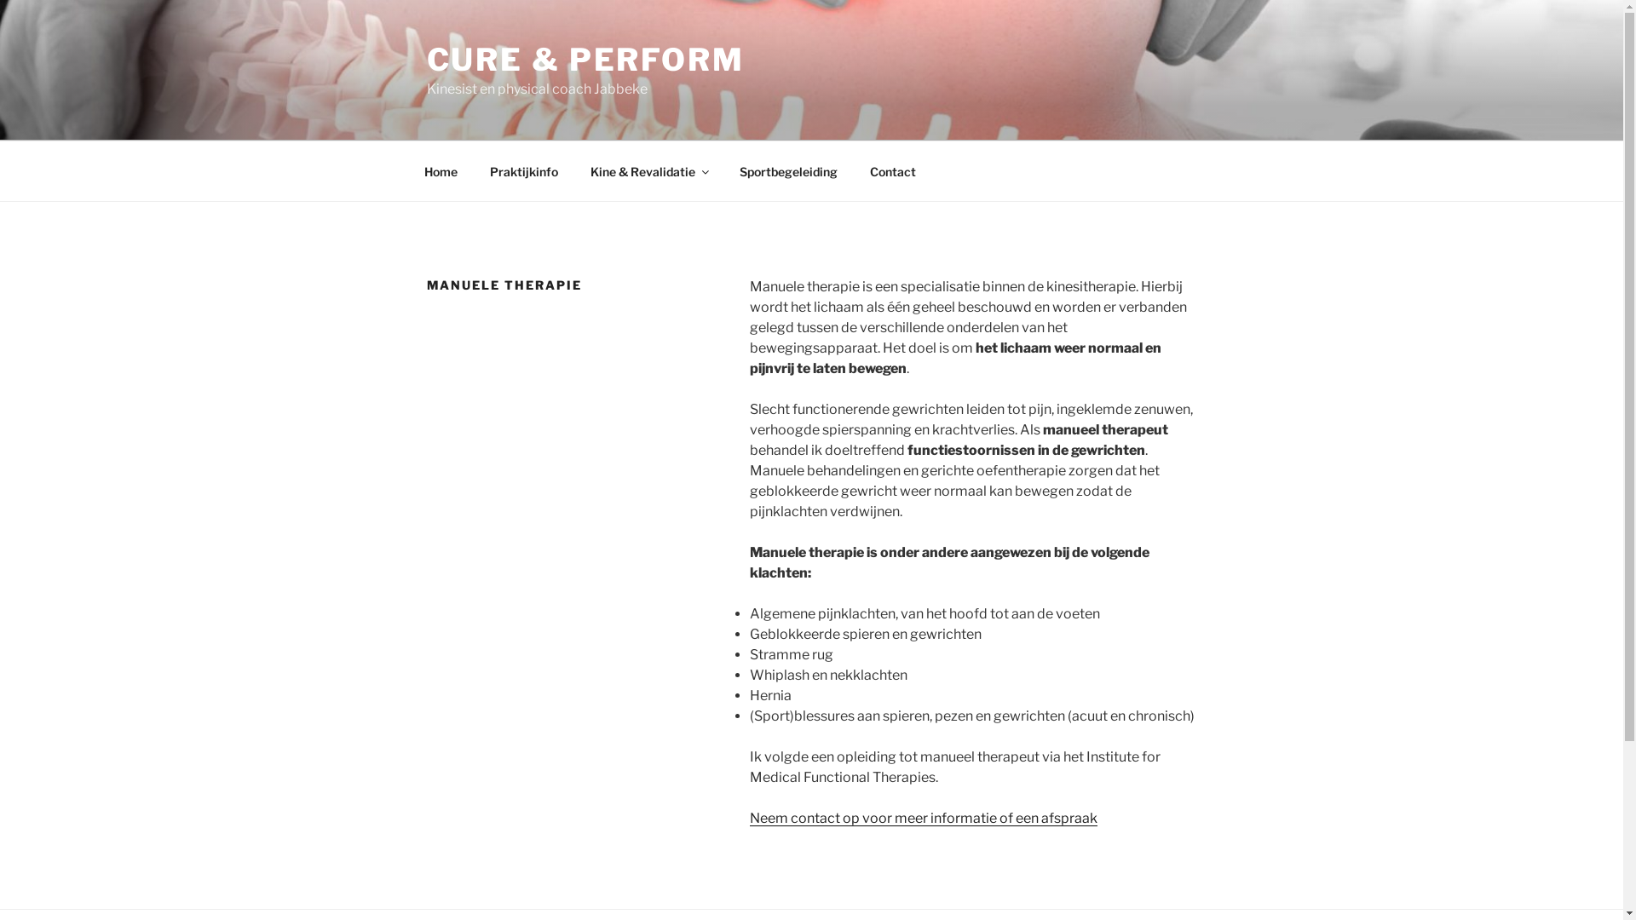 This screenshot has height=920, width=1636. I want to click on 'Kine & Revalidatie', so click(648, 170).